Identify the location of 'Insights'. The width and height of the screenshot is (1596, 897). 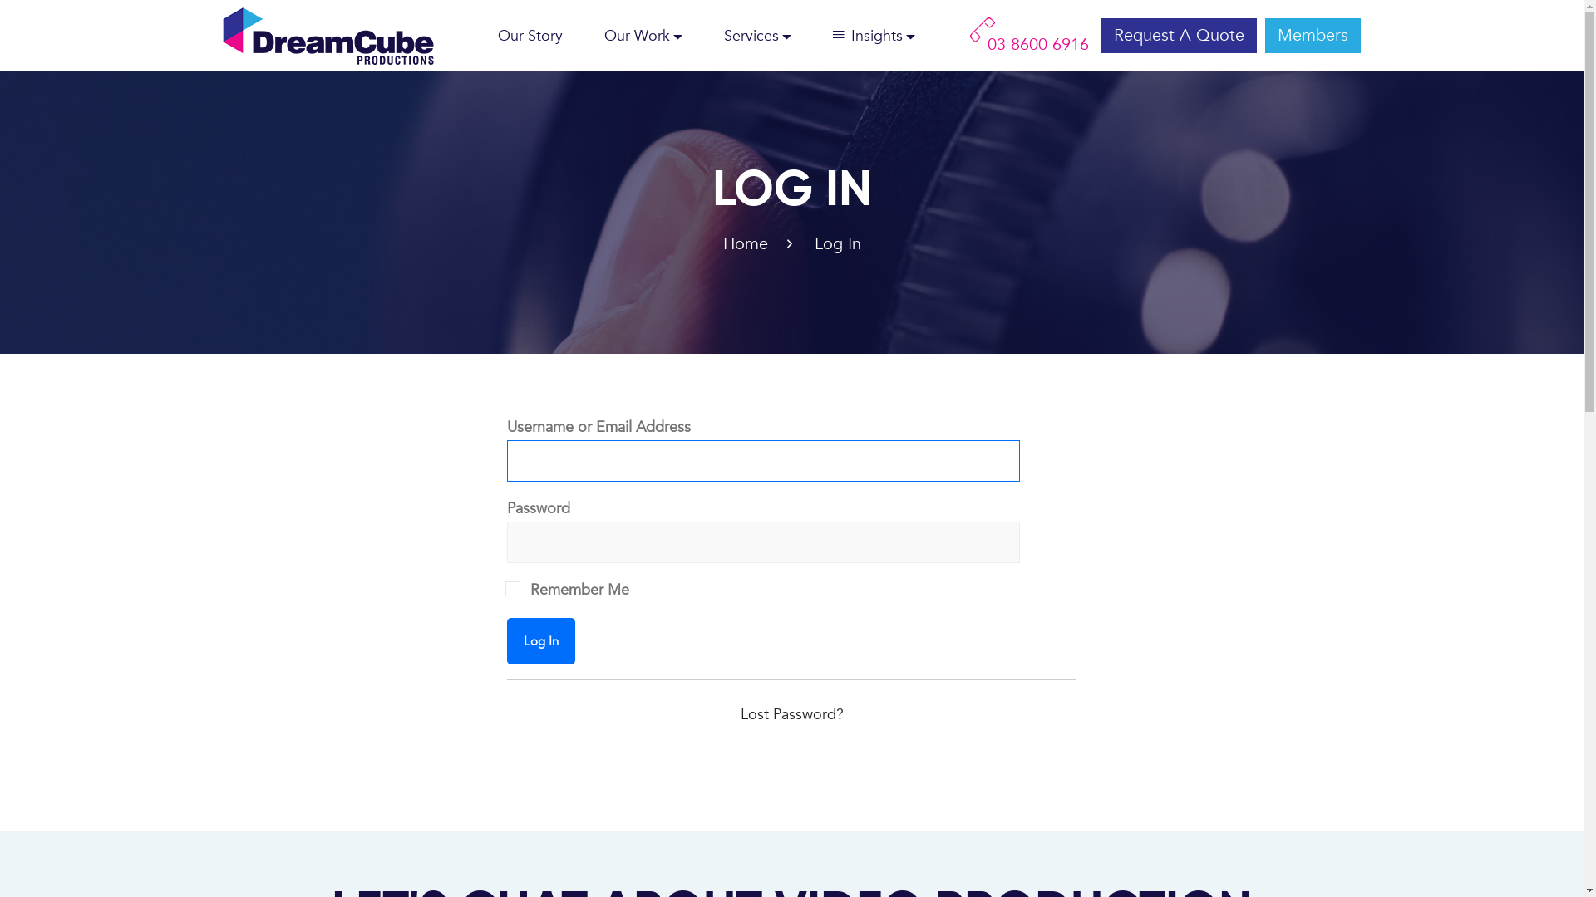
(833, 35).